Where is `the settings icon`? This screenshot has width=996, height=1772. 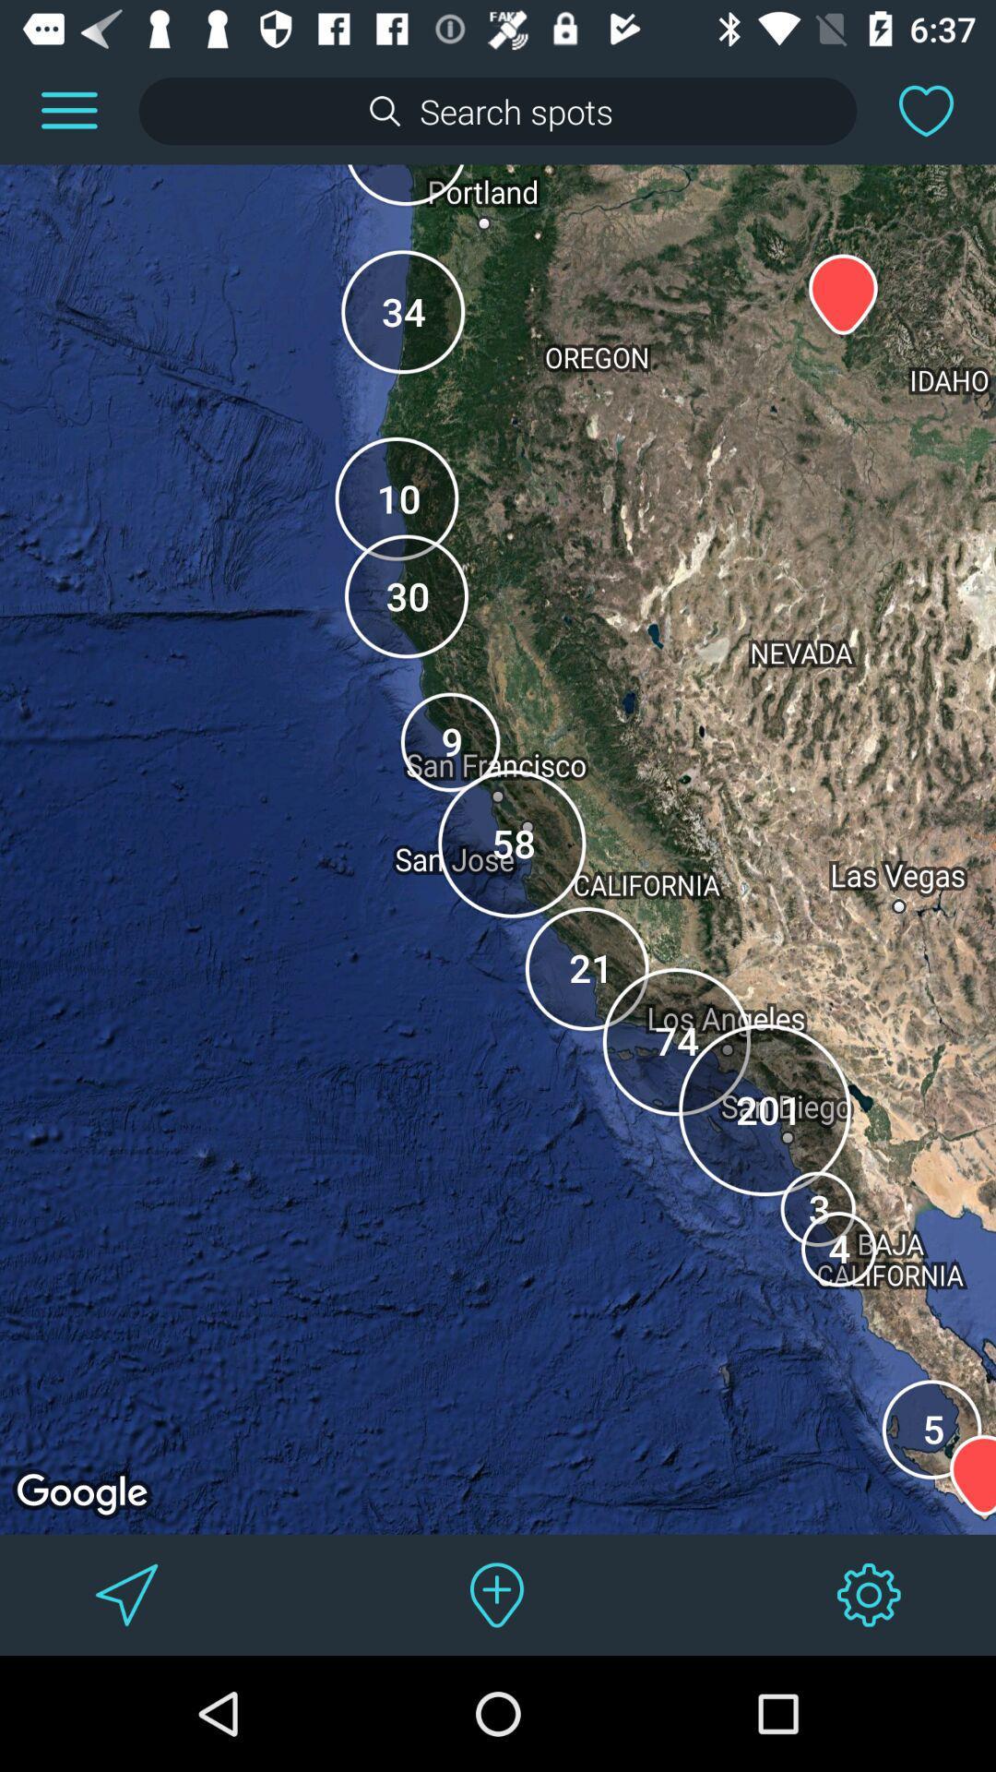 the settings icon is located at coordinates (869, 1594).